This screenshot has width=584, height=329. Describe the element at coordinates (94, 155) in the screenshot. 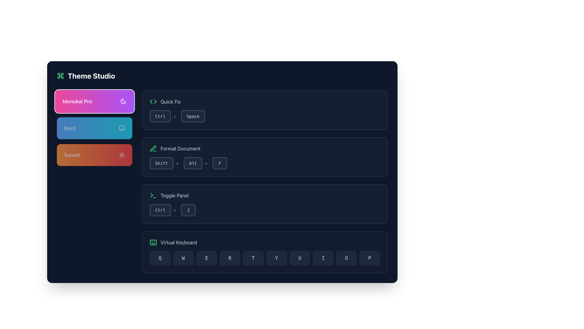

I see `the selectable list item labeled 'Sunset'` at that location.